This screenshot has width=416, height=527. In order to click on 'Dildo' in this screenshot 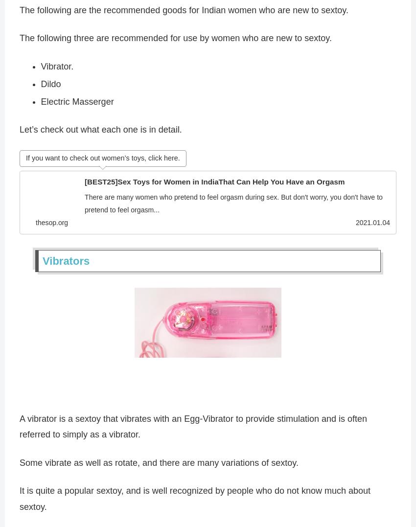, I will do `click(50, 86)`.